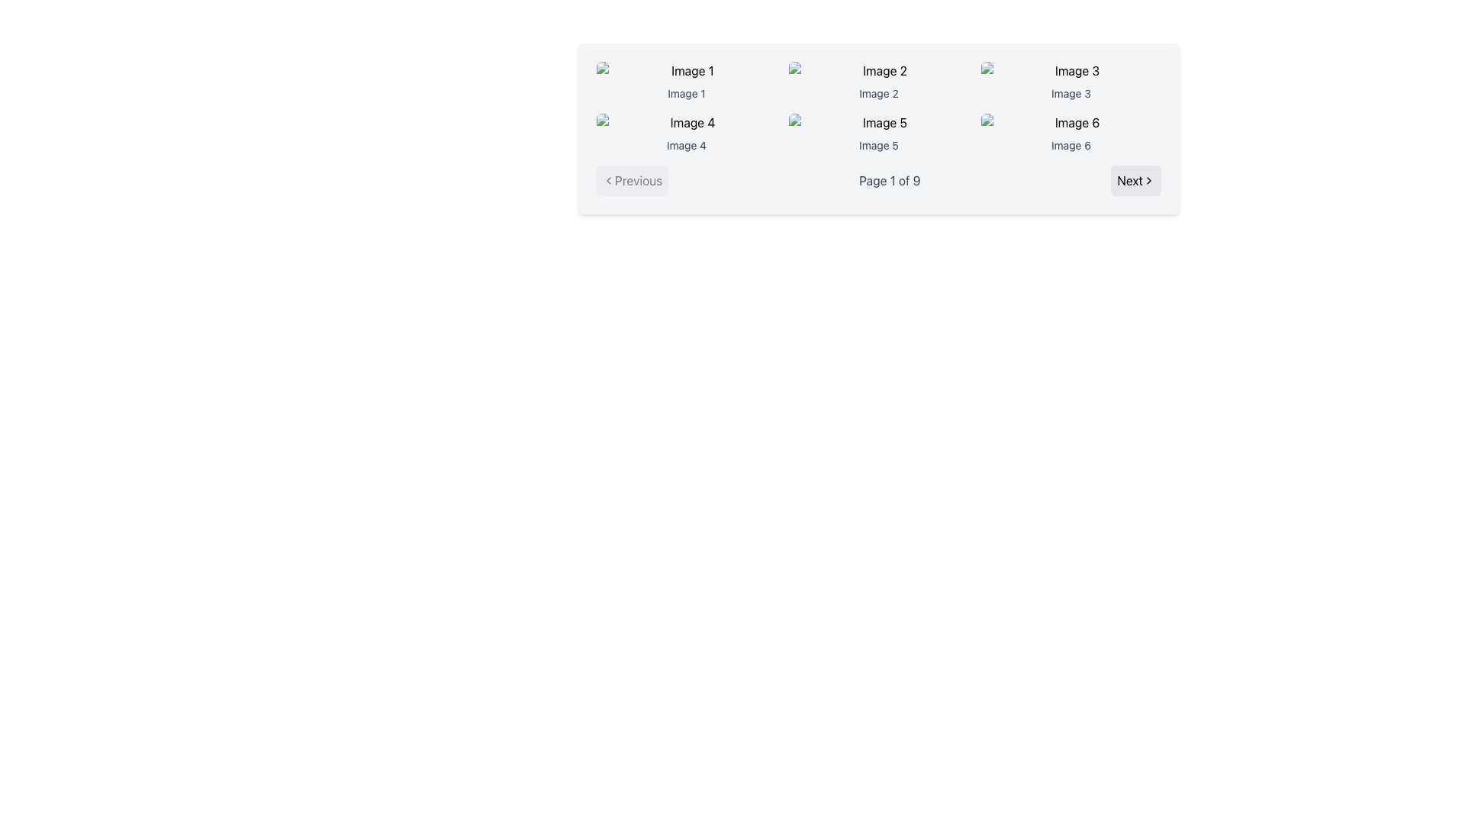 This screenshot has width=1465, height=824. I want to click on label and page information from the Pagination toolbar located beneath the grid displaying six images, centered horizontally at the bottom of its containing panel, so click(879, 179).